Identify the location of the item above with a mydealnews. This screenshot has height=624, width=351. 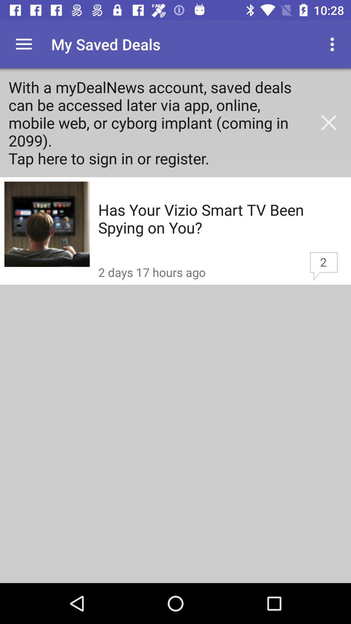
(23, 44).